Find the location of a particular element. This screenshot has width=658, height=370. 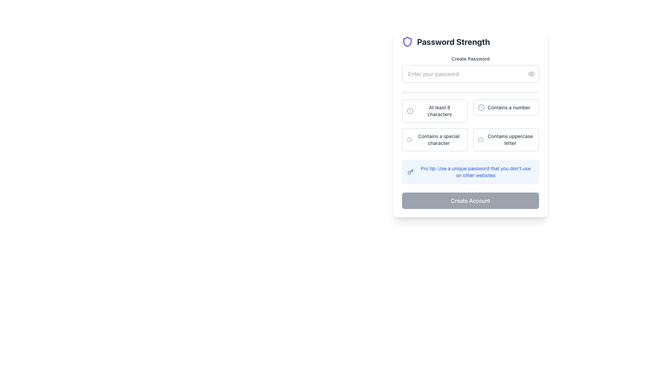

the Text Label with Icon that indicates the password must contain a numerical character, positioned in the second column and first row of the grid is located at coordinates (506, 111).